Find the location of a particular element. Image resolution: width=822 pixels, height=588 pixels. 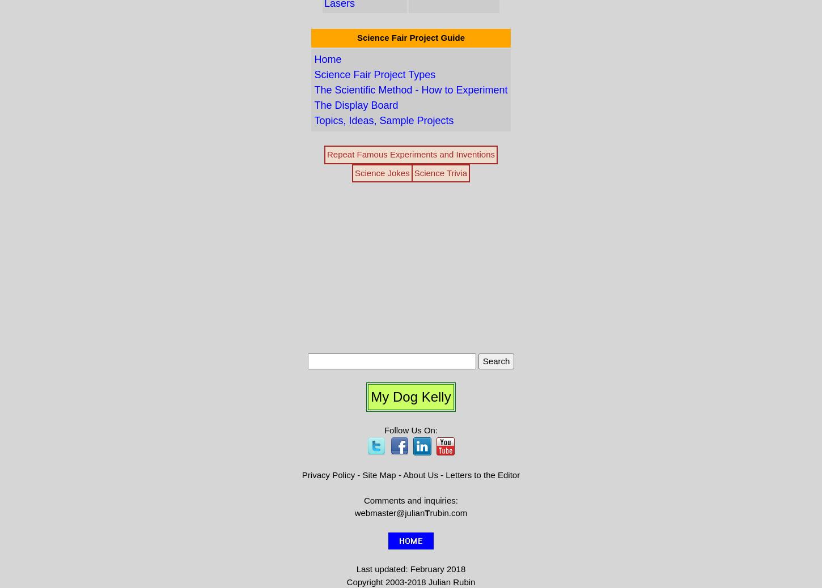

'Comments and inquiries:' is located at coordinates (410, 500).